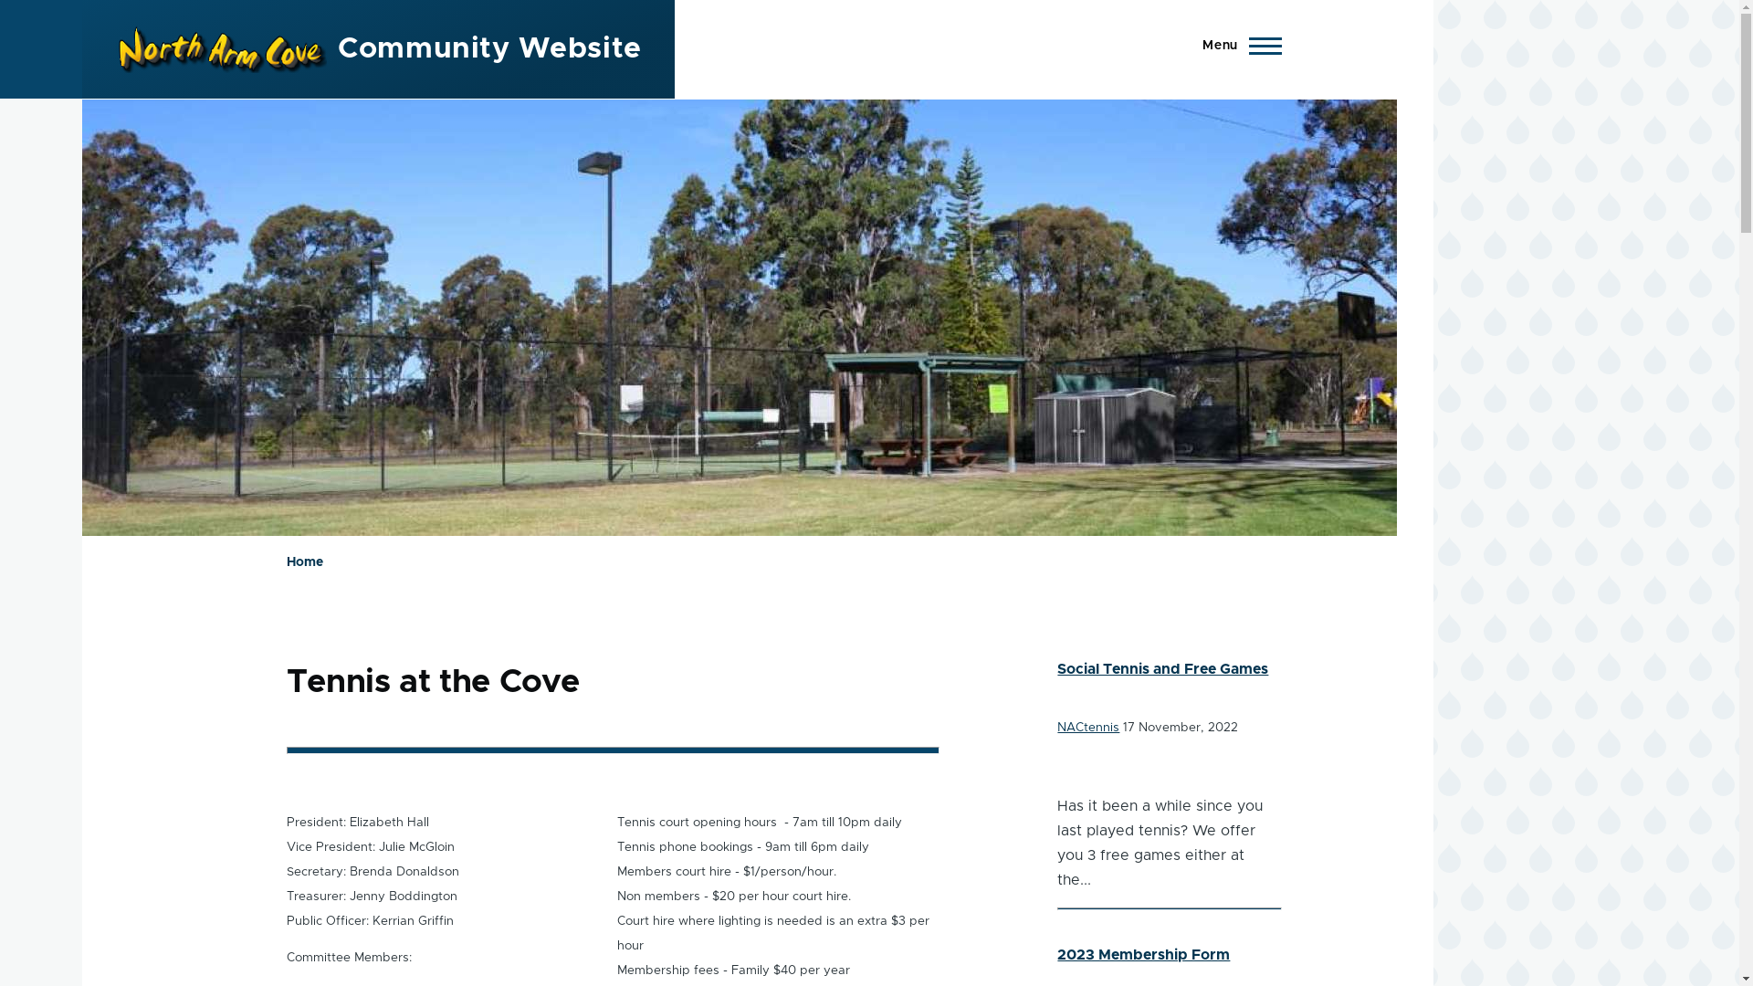 The height and width of the screenshot is (986, 1753). I want to click on 'NACtennis', so click(1087, 727).